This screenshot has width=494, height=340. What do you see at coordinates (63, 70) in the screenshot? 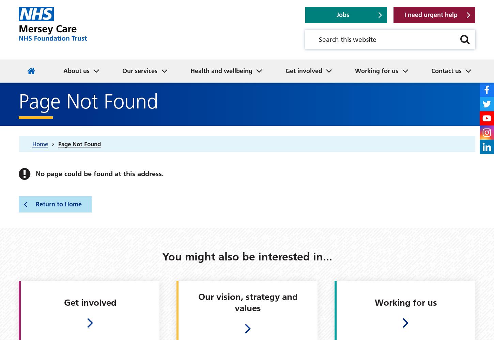
I see `'About us'` at bounding box center [63, 70].